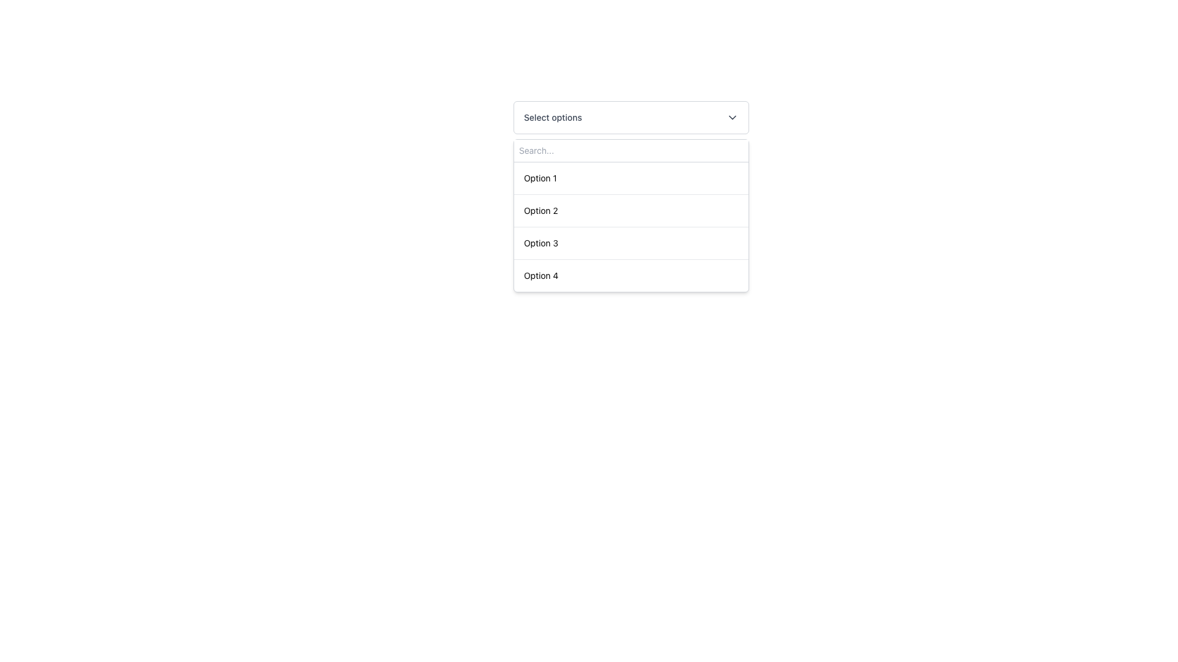 The width and height of the screenshot is (1178, 662). Describe the element at coordinates (541, 276) in the screenshot. I see `the text label displaying 'Option 4', which is styled with a standard sans-serif font and is the fourth item in a dropdown list` at that location.